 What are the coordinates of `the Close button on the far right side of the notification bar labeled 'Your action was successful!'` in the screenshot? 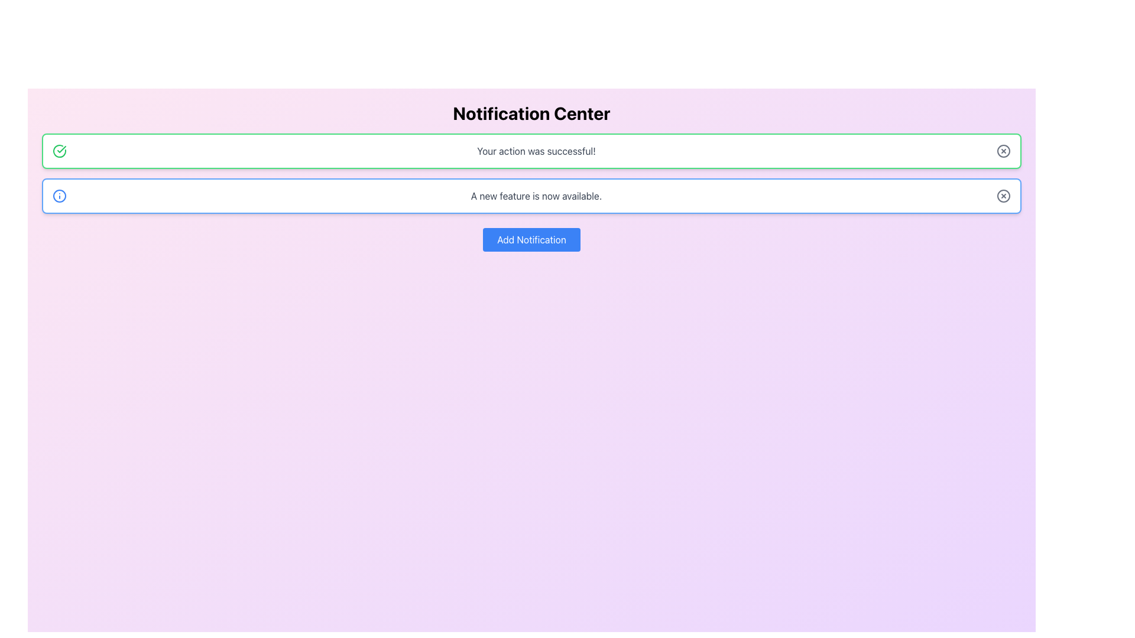 It's located at (1003, 150).